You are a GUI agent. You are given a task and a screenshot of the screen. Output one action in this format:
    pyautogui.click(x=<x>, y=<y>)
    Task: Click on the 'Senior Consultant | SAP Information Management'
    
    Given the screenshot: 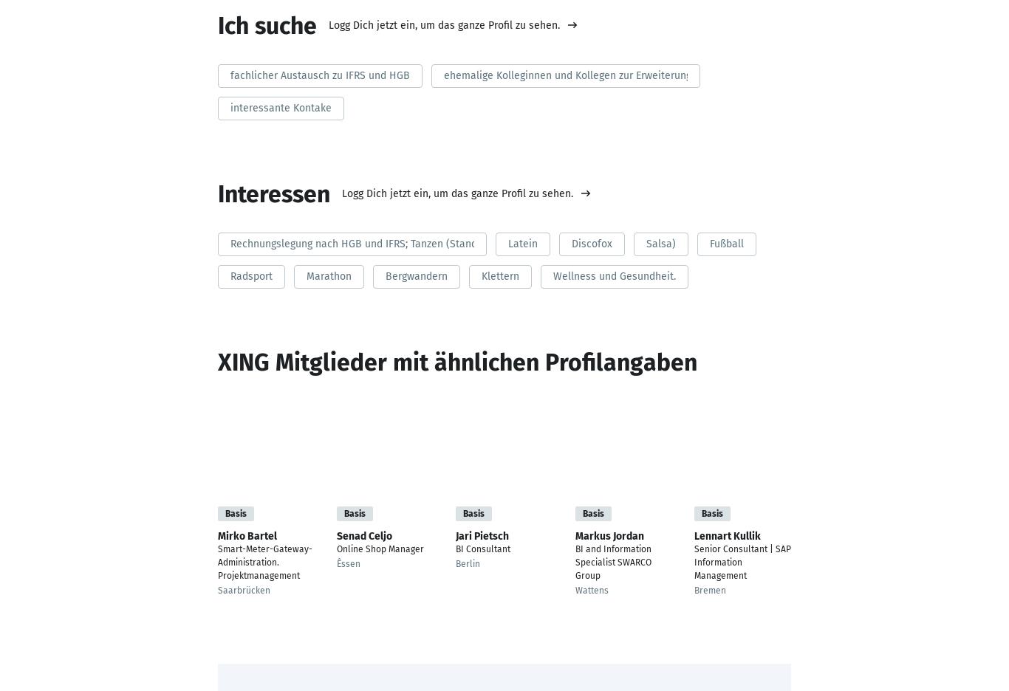 What is the action you would take?
    pyautogui.click(x=742, y=562)
    